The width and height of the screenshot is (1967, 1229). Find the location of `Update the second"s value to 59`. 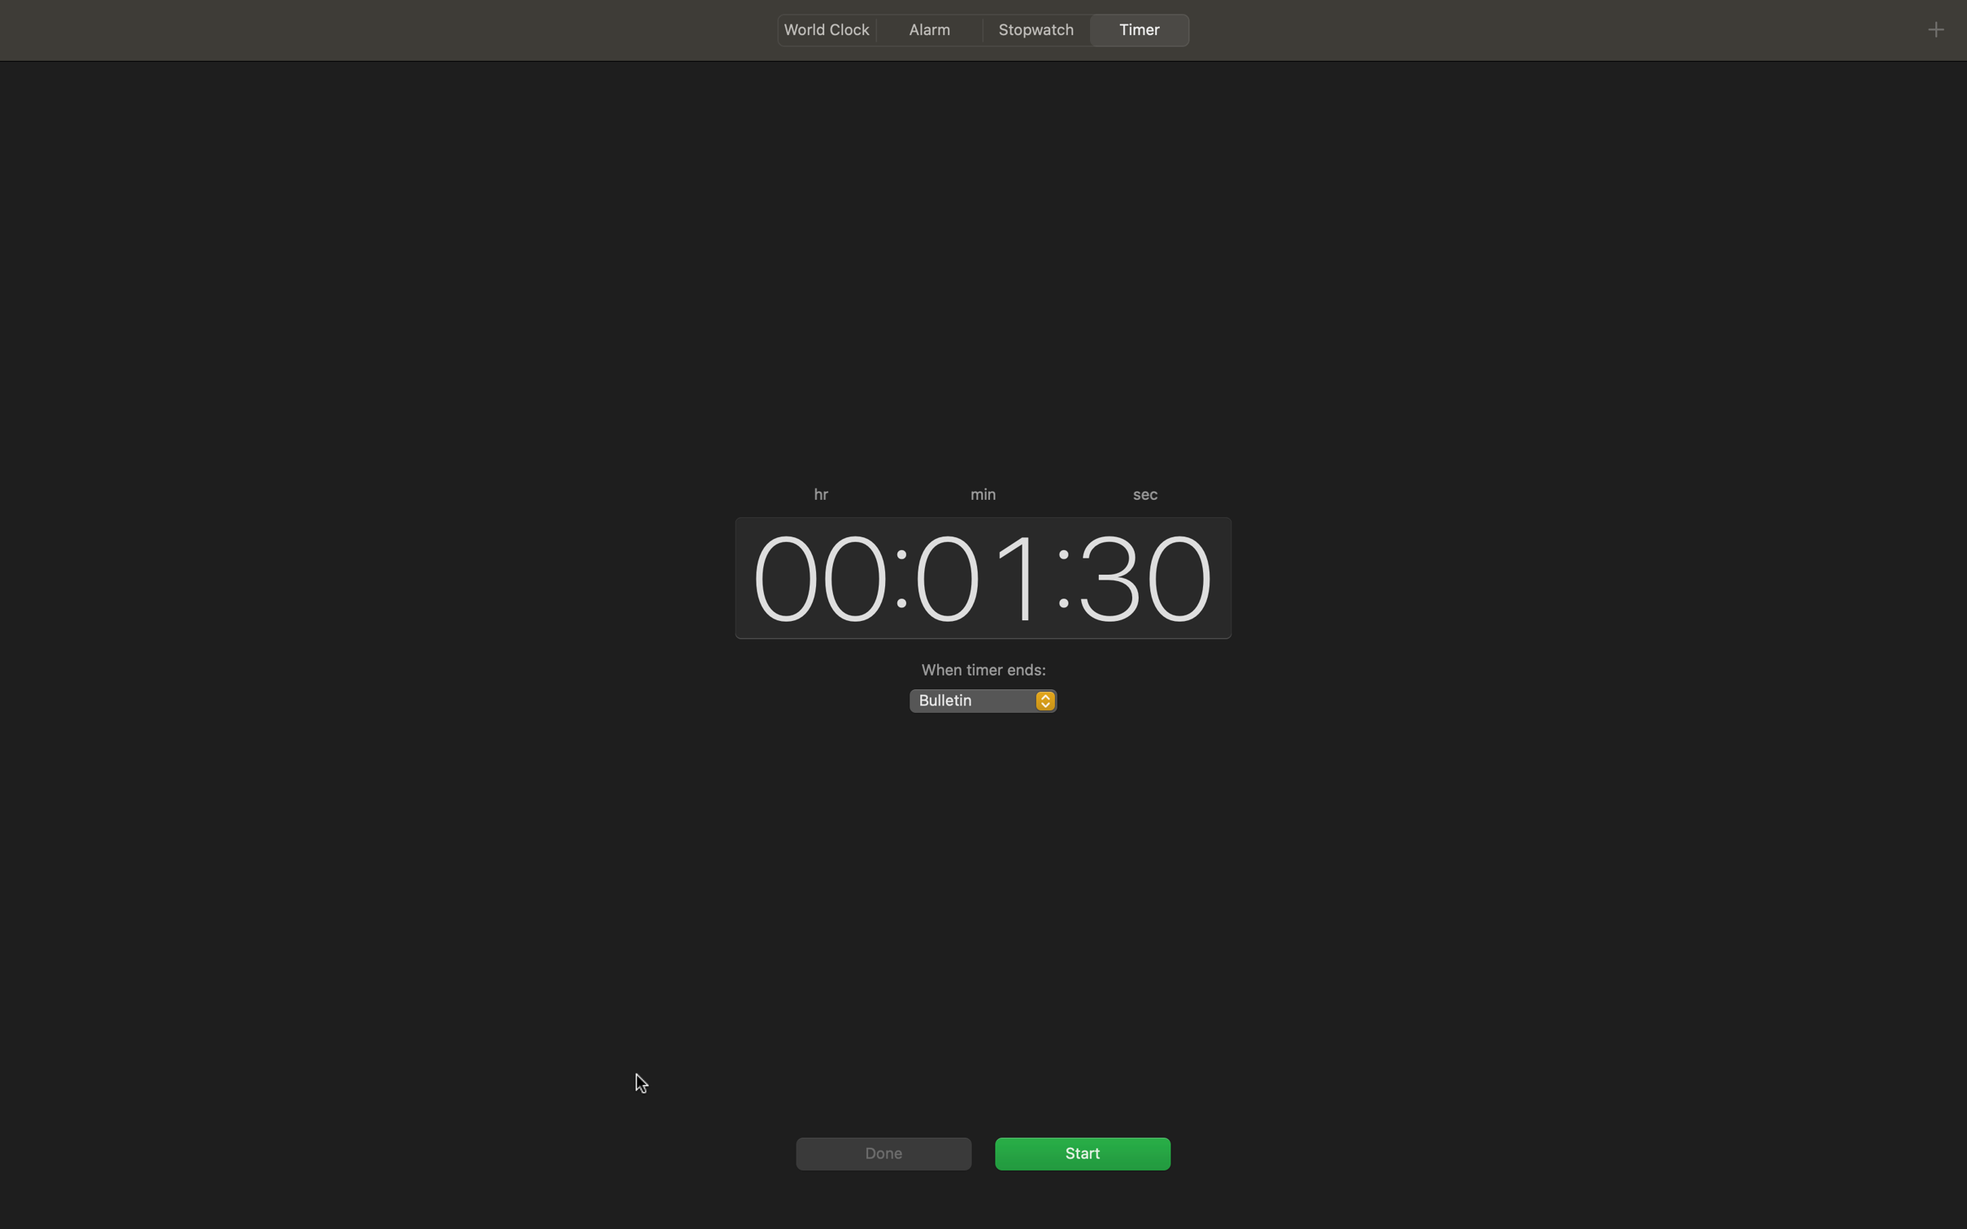

Update the second"s value to 59 is located at coordinates (1147, 573).